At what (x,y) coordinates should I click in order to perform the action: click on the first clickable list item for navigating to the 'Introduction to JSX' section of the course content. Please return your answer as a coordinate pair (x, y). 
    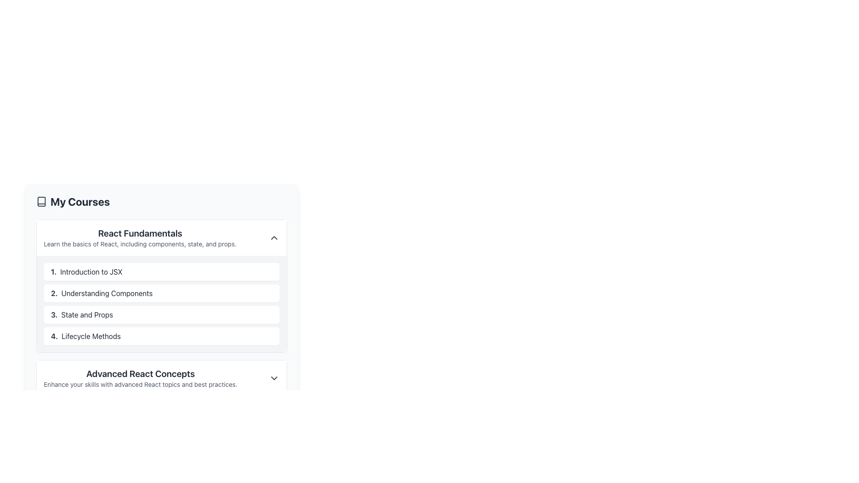
    Looking at the image, I should click on (162, 271).